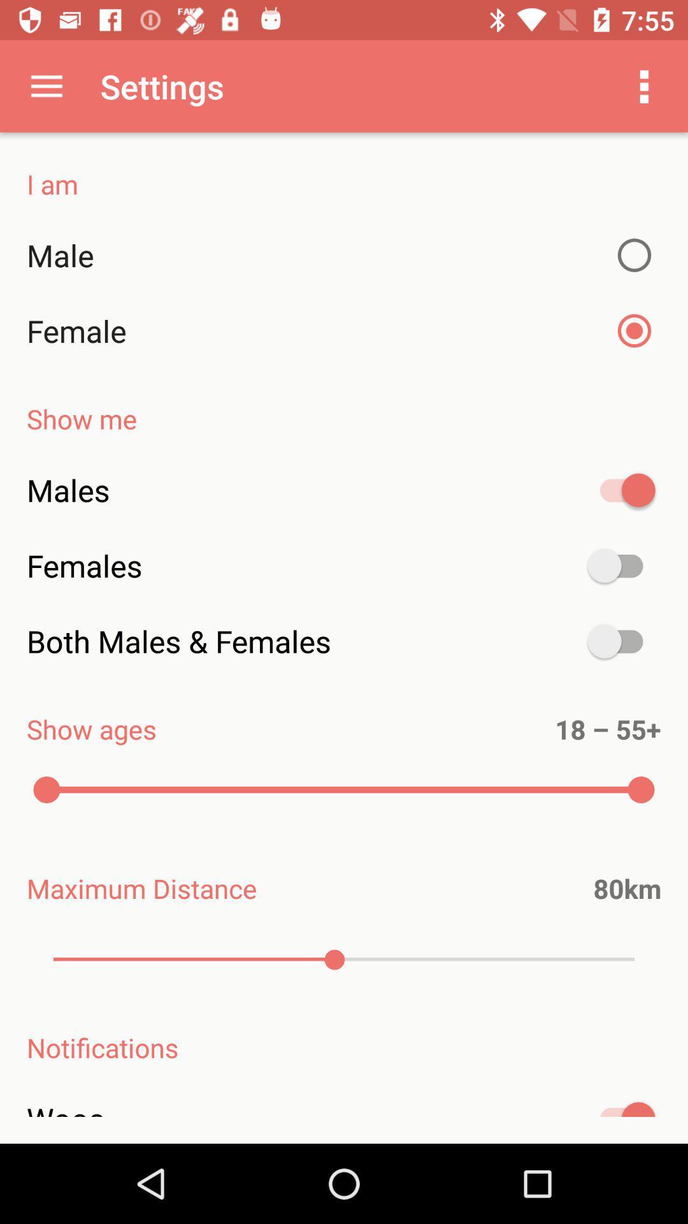 Image resolution: width=688 pixels, height=1224 pixels. I want to click on both males & females icon, so click(344, 641).